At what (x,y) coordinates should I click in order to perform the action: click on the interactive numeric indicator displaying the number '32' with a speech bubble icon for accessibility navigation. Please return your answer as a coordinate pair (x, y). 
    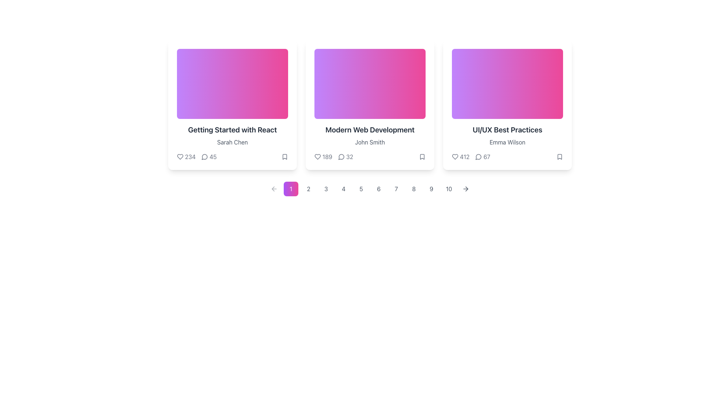
    Looking at the image, I should click on (345, 156).